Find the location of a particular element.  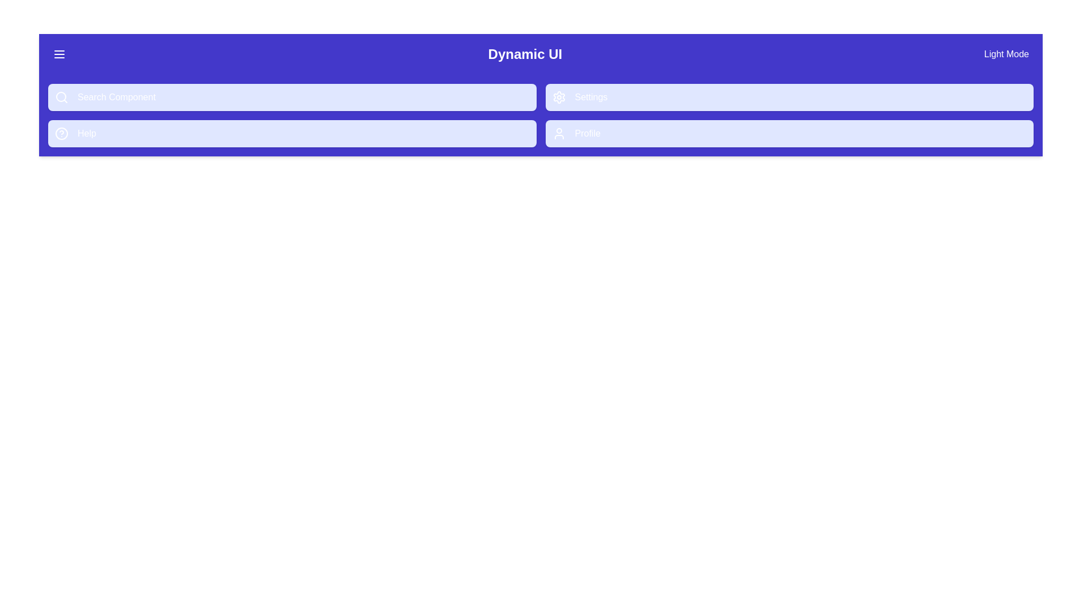

the menu option Help from the menu is located at coordinates (292, 133).